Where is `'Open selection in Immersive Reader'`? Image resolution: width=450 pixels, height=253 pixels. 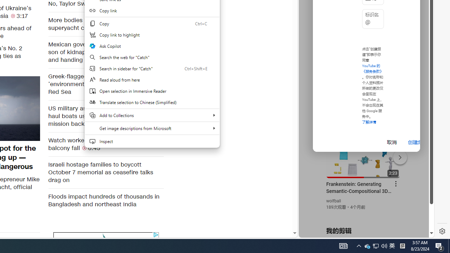
'Open selection in Immersive Reader' is located at coordinates (152, 91).